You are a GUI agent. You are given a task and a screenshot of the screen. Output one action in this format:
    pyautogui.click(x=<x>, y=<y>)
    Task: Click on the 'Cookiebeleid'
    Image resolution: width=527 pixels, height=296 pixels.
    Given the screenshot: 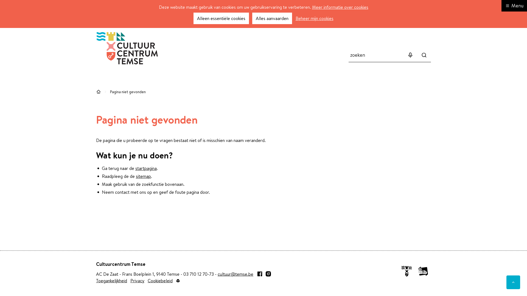 What is the action you would take?
    pyautogui.click(x=160, y=280)
    